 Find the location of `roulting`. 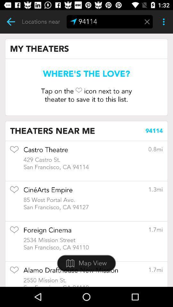

roulting is located at coordinates (11, 22).